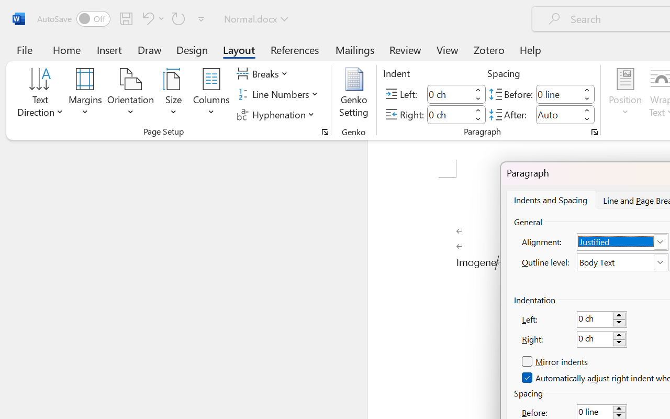  I want to click on 'Spacing After', so click(557, 114).